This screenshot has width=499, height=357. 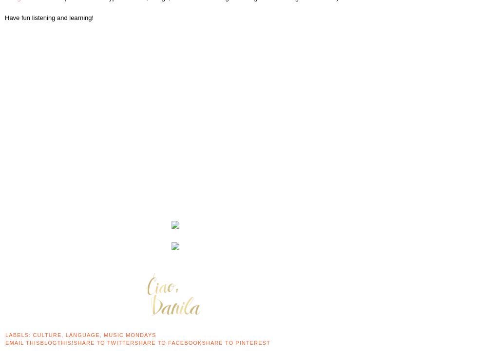 I want to click on 'Share to Facebook', so click(x=168, y=342).